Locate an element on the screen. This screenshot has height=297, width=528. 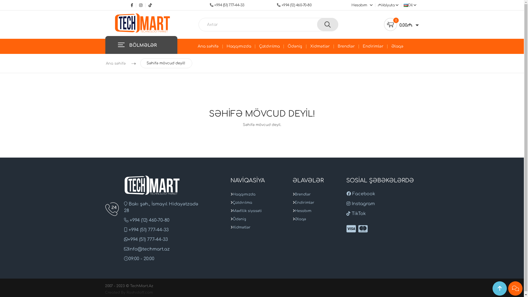
'+994 (51) 777-44-33' is located at coordinates (229, 5).